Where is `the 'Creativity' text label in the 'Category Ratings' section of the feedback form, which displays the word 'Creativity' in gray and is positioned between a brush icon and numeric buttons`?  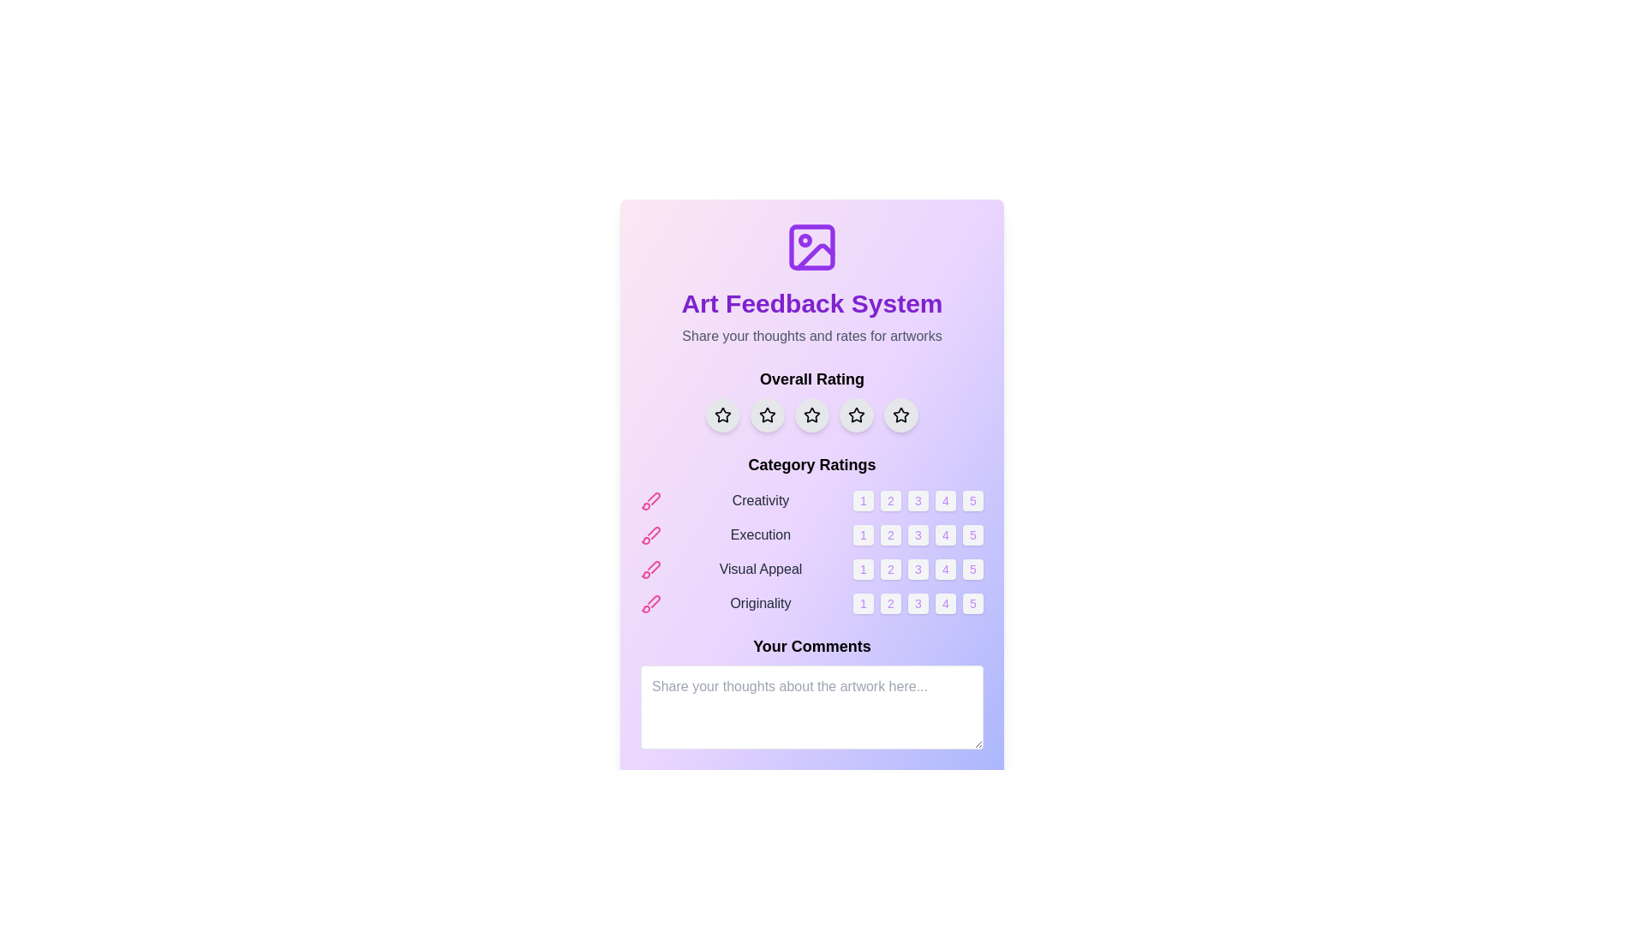
the 'Creativity' text label in the 'Category Ratings' section of the feedback form, which displays the word 'Creativity' in gray and is positioned between a brush icon and numeric buttons is located at coordinates (760, 501).